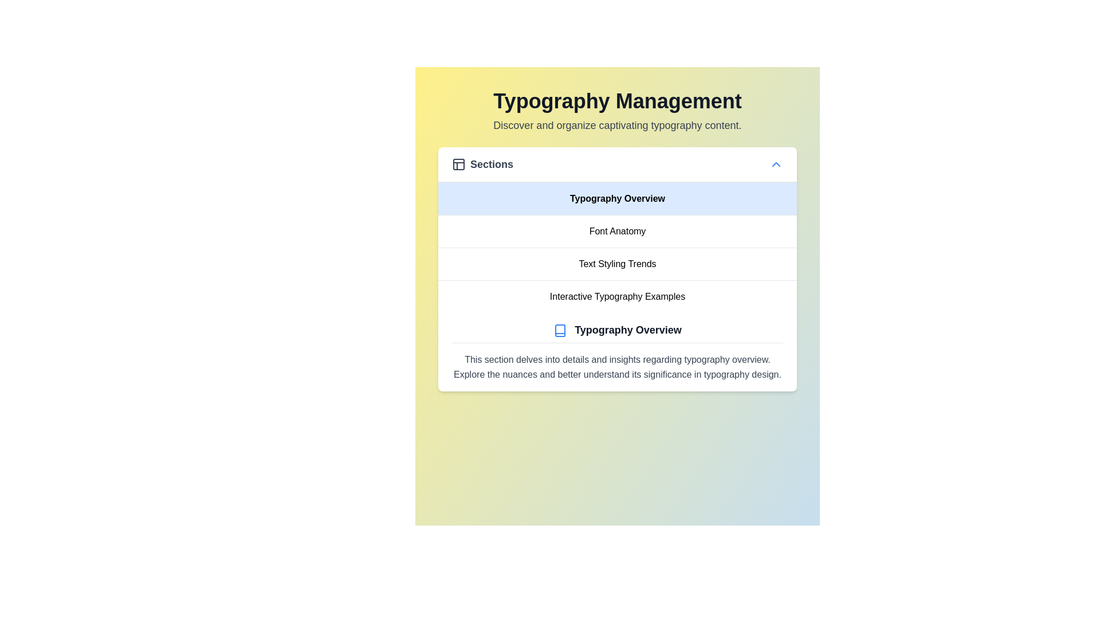 This screenshot has width=1100, height=619. I want to click on the paragraph providing detailed textual information about typography, located below the title 'Typography Overview' and an icon, so click(617, 367).